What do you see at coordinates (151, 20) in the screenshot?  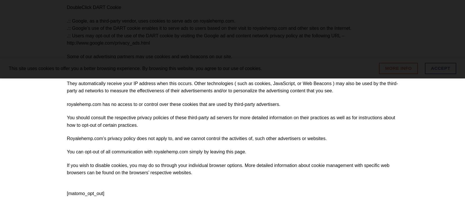 I see `'.:: Google, as a third-party vendor, uses cookies to serve ads on royalehemp.com.'` at bounding box center [151, 20].